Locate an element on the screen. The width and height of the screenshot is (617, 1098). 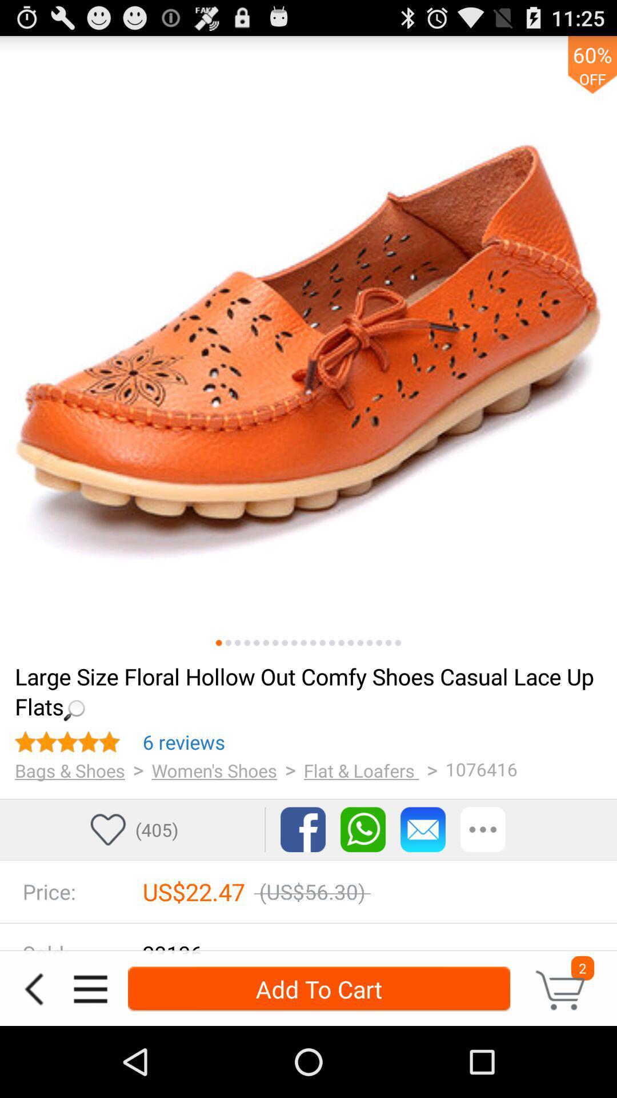
like on facebook is located at coordinates (302, 829).